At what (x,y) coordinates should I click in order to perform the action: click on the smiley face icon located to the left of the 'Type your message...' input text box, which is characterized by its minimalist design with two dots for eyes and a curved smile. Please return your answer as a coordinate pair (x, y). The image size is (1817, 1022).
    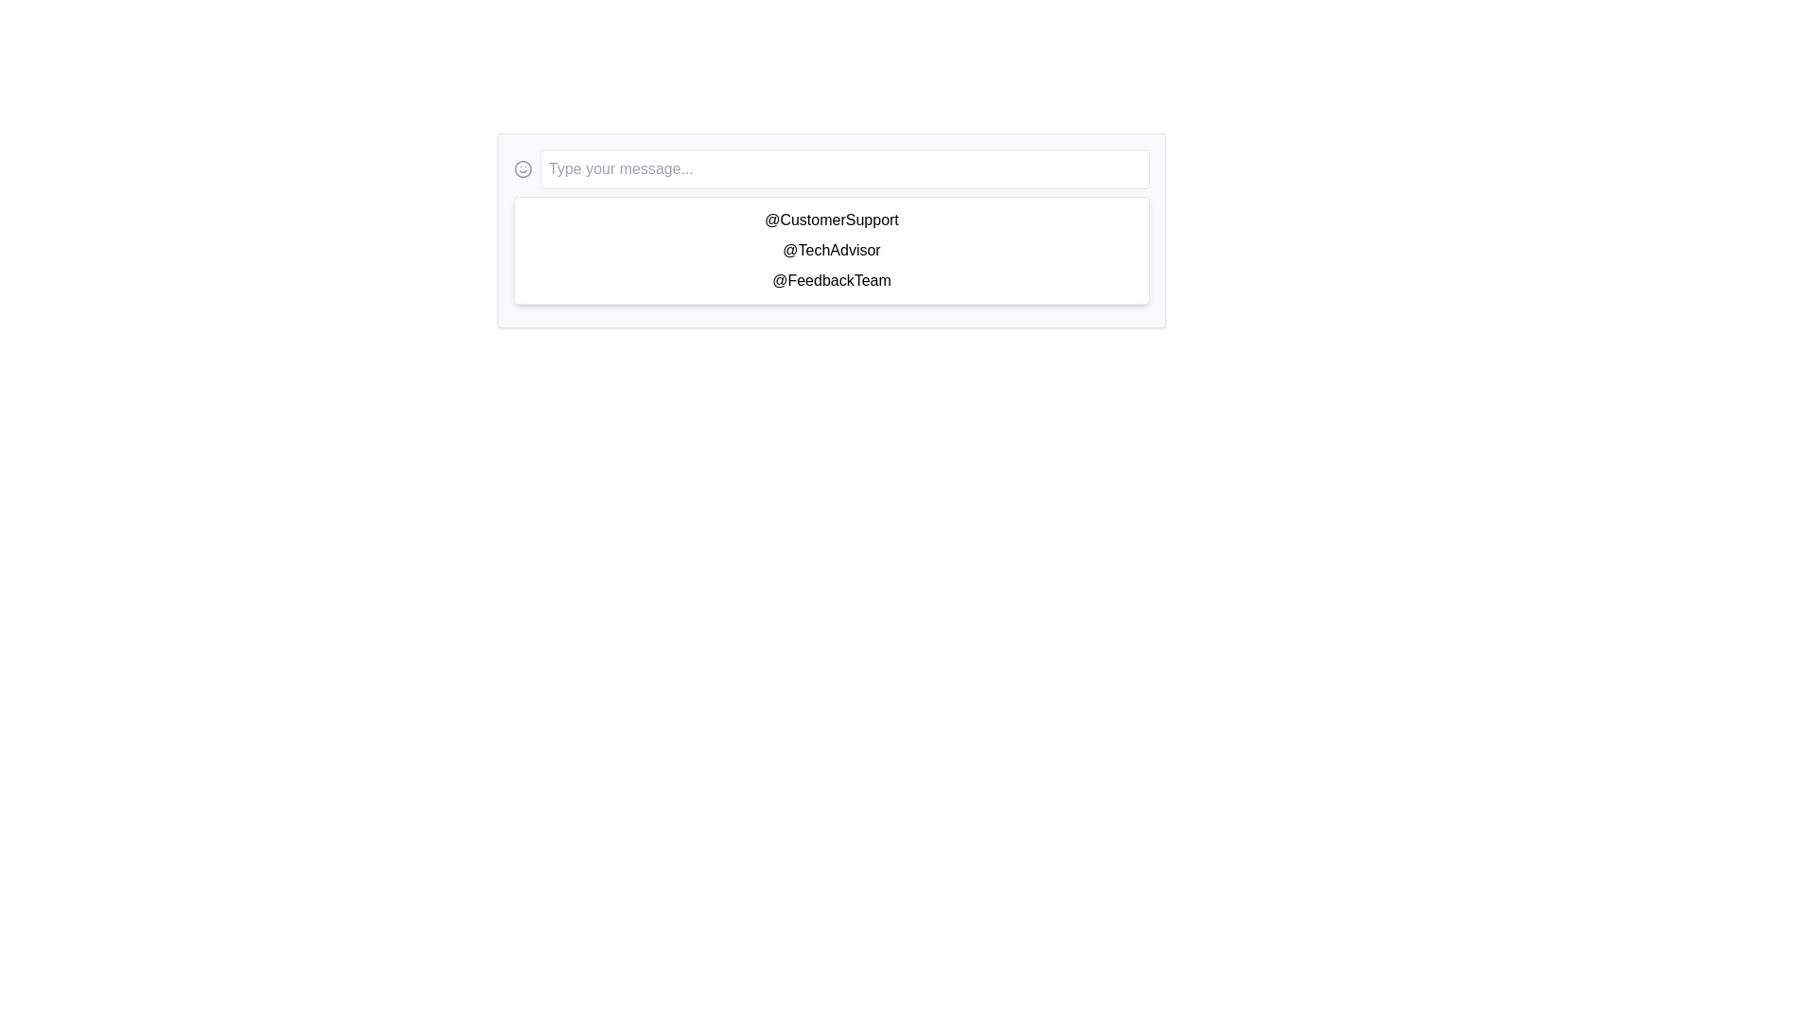
    Looking at the image, I should click on (522, 167).